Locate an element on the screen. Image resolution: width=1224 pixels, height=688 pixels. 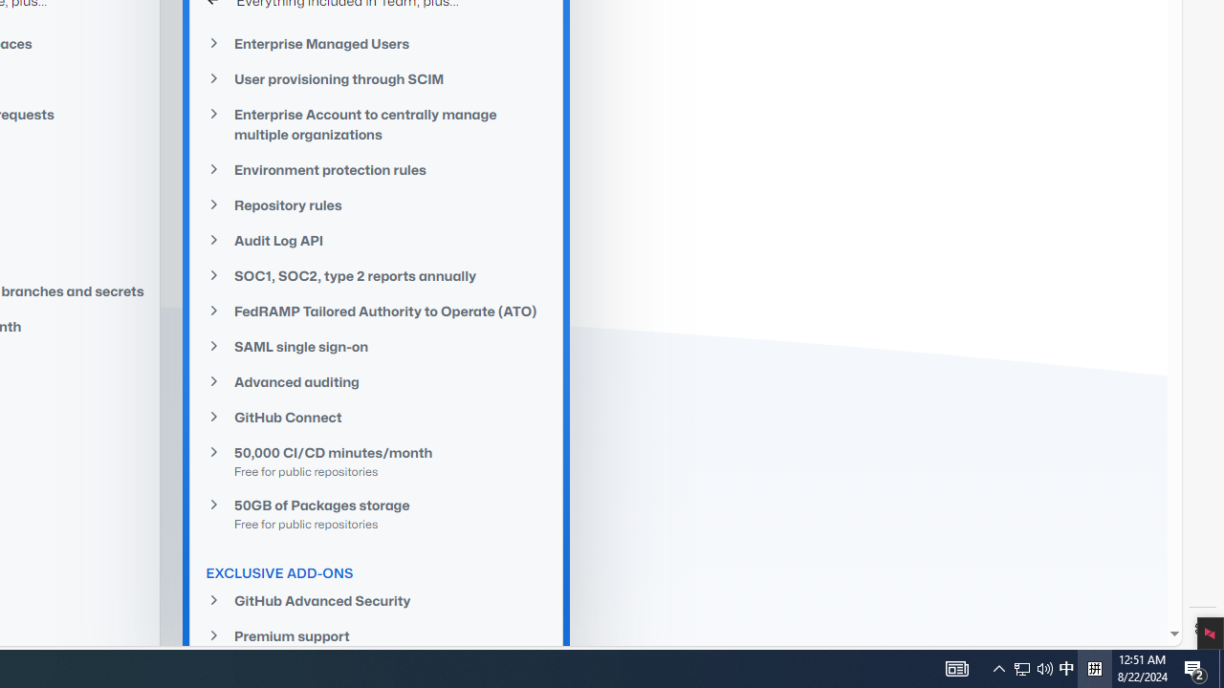
'SOC1, SOC2, type 2 reports annually' is located at coordinates (377, 275).